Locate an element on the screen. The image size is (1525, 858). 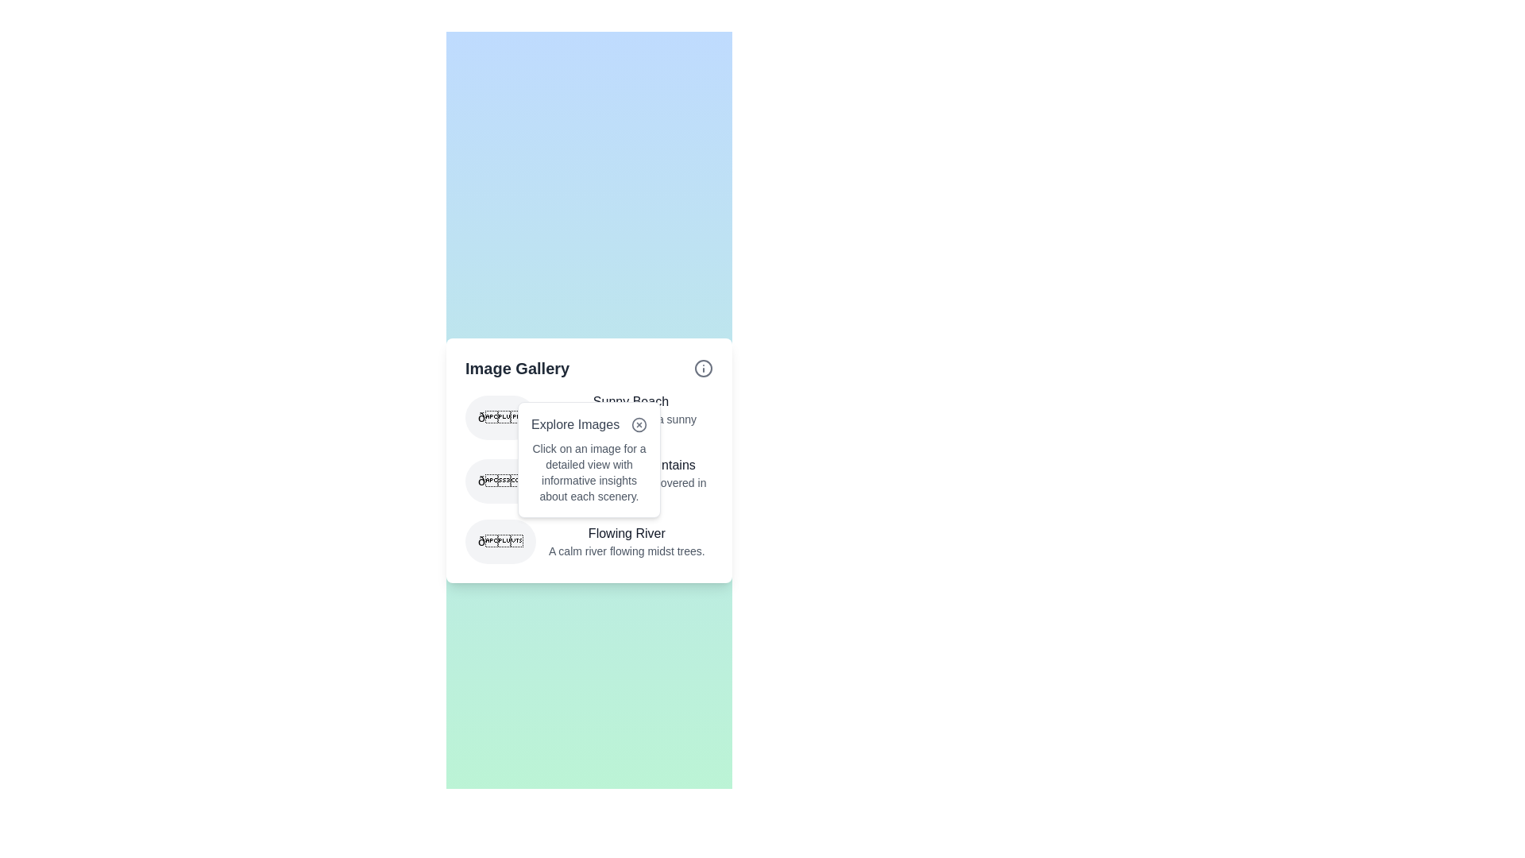
the circular gray-background icon containing a mountain emoji, located to the left of the 'Majestic Mountains' list item is located at coordinates (511, 480).